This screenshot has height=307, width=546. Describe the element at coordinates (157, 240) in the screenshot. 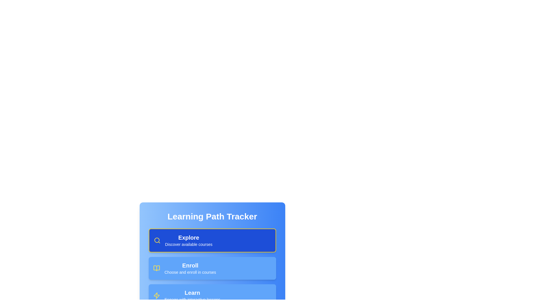

I see `the circular shape of the search icon that is part of a blue button labeled 'Explore' located in the upper section of the interface` at that location.